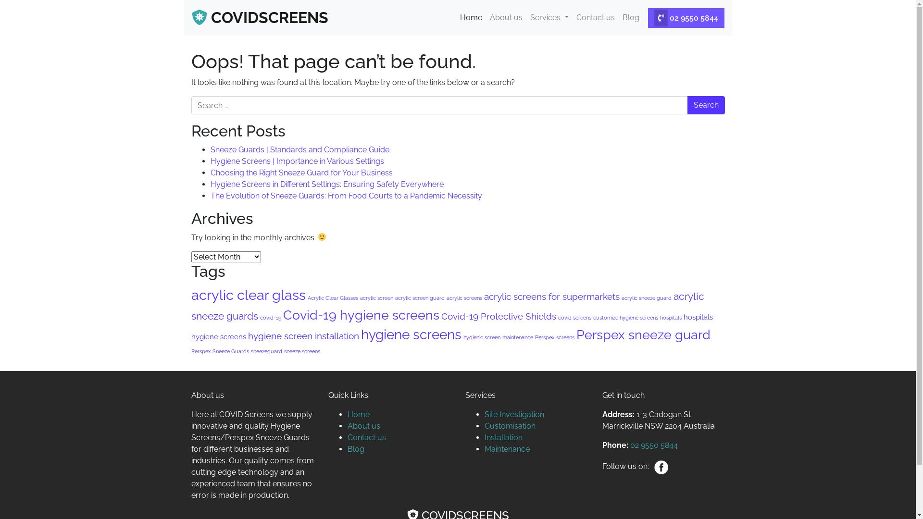 The height and width of the screenshot is (519, 923). I want to click on 'Choosing the Right Sneeze Guard for Your Business', so click(301, 172).